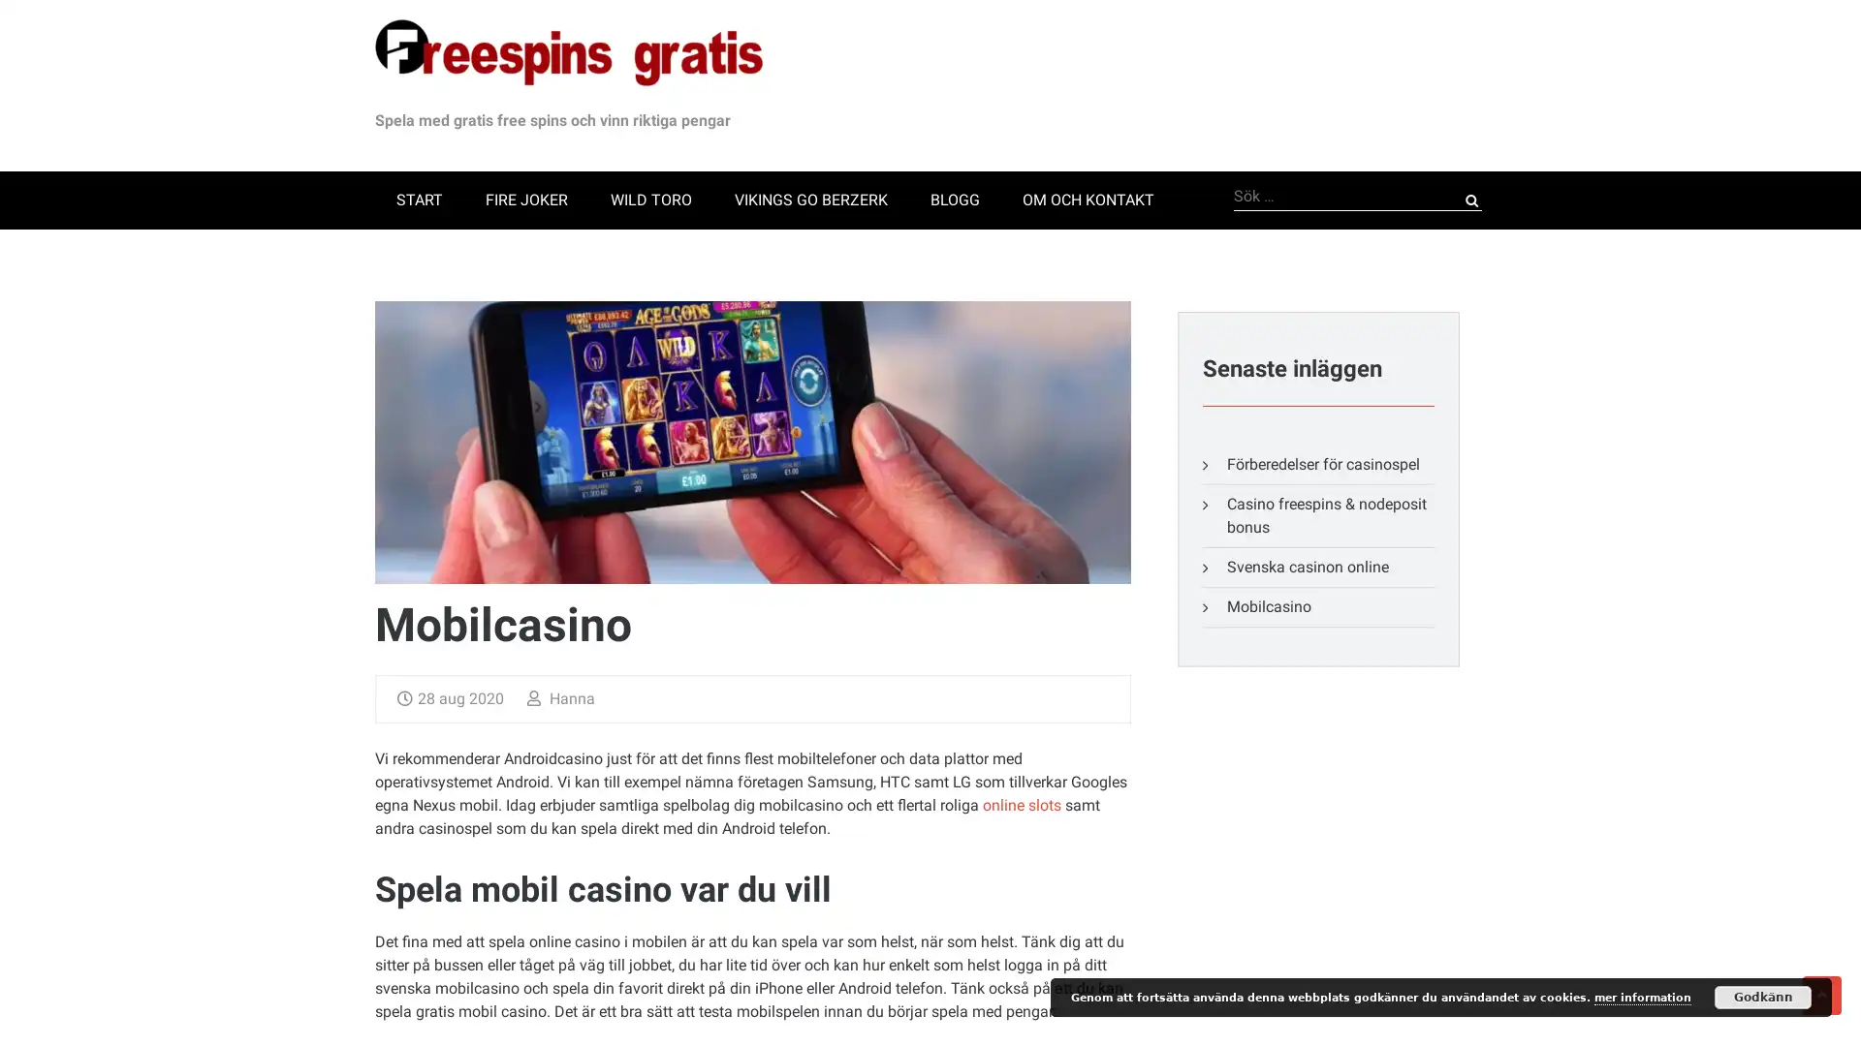  I want to click on Godkann, so click(1763, 997).